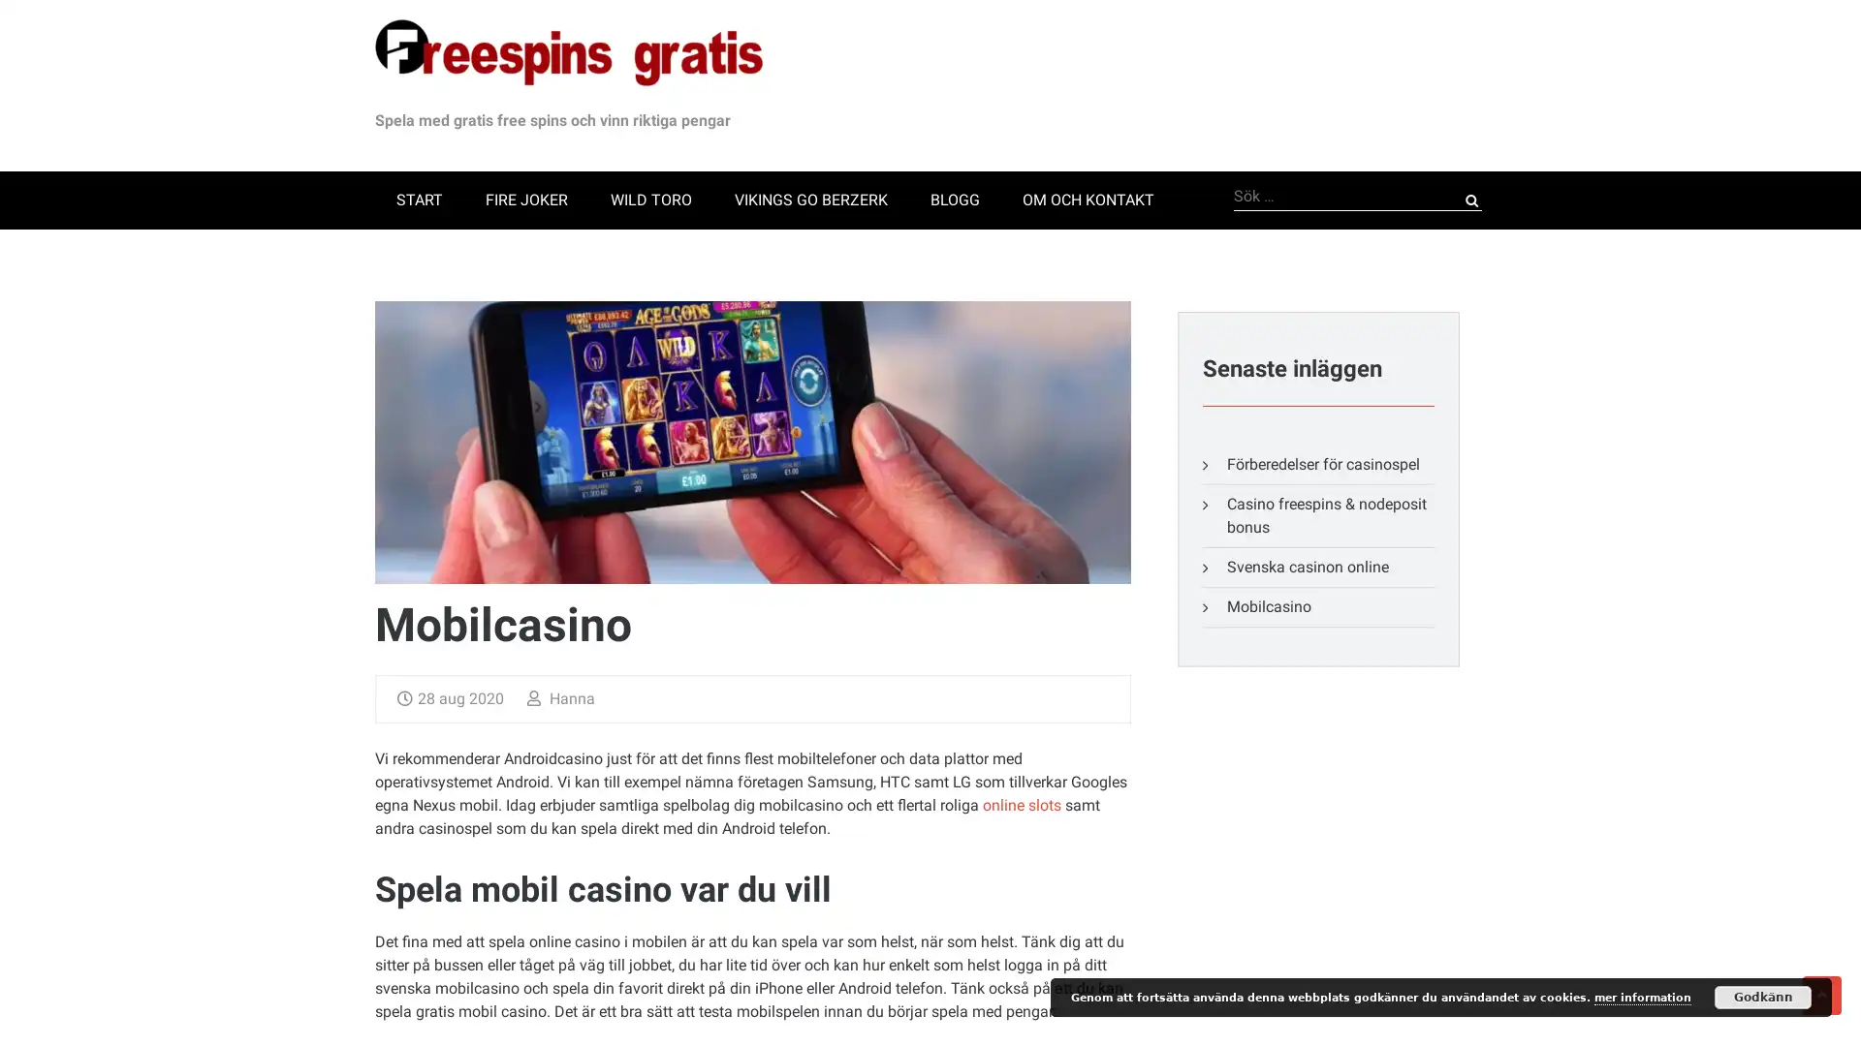  I want to click on Godkann, so click(1763, 997).